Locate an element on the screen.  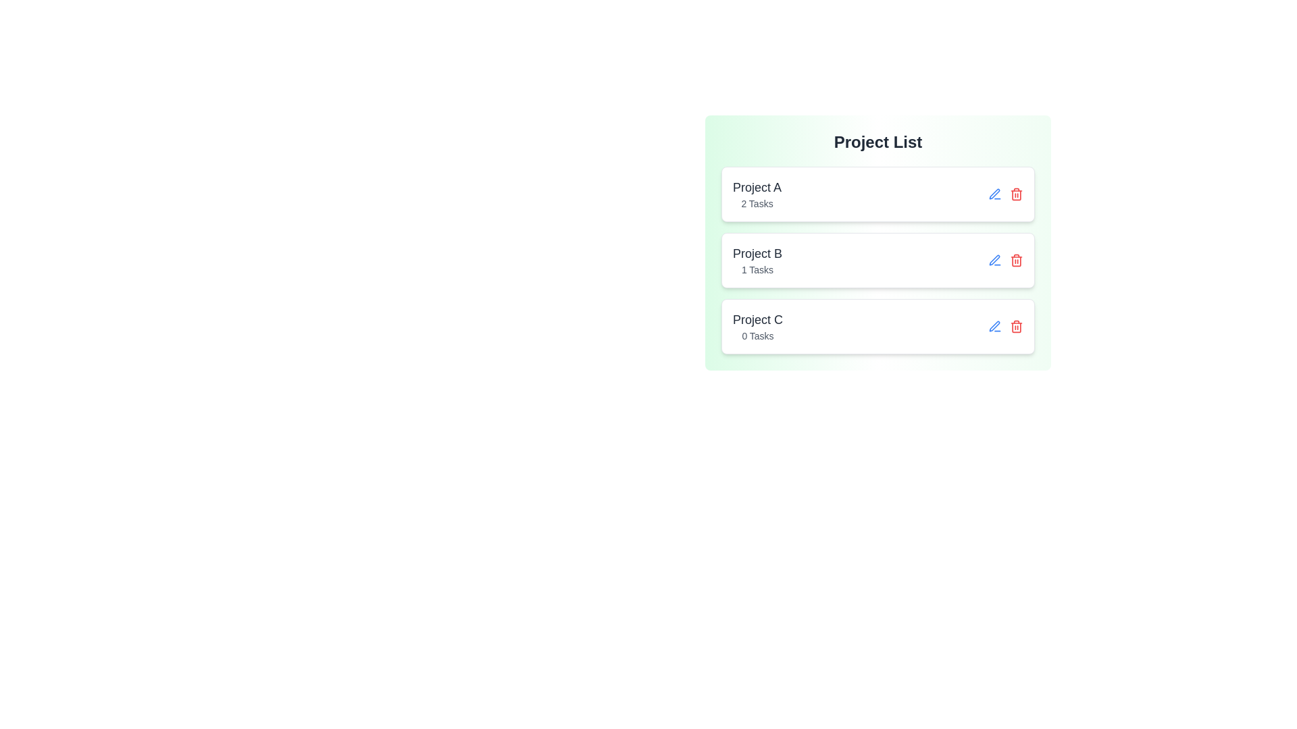
the edit icon for project Project A is located at coordinates (995, 194).